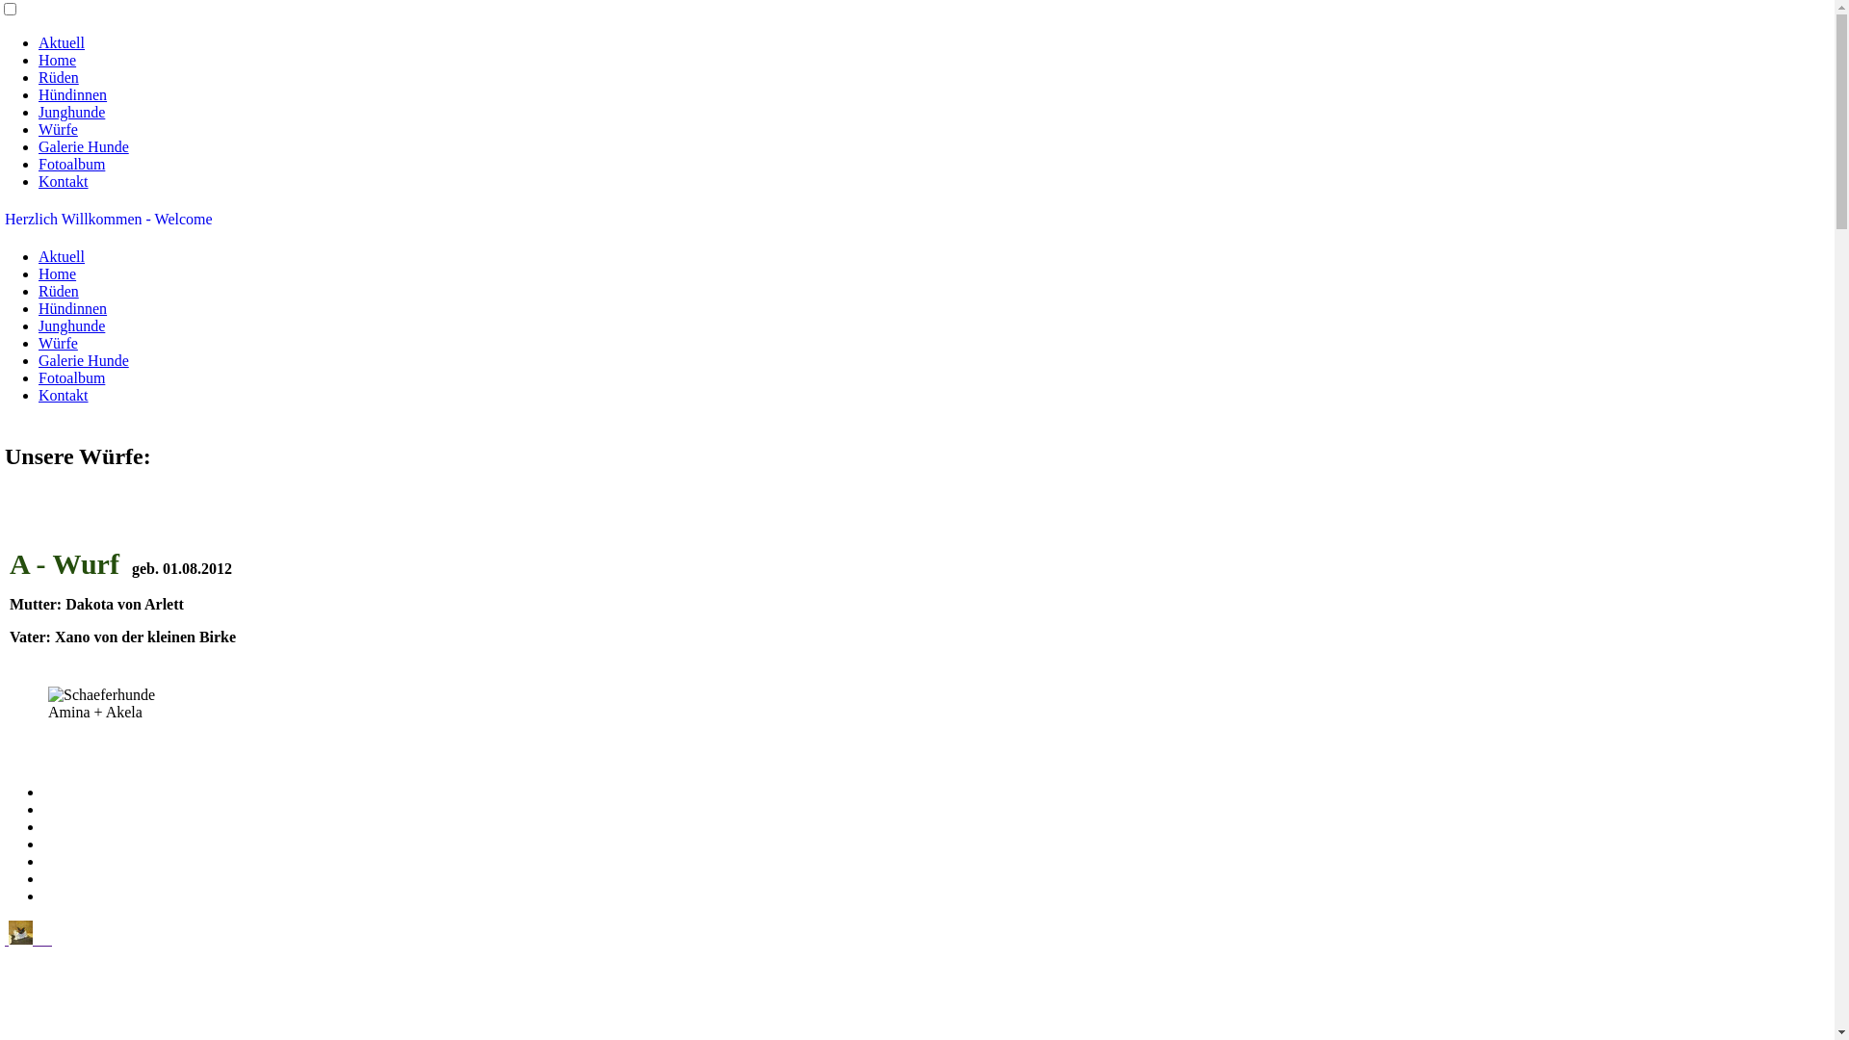 The image size is (1849, 1040). Describe the element at coordinates (38, 377) in the screenshot. I see `'Fotoalbum'` at that location.